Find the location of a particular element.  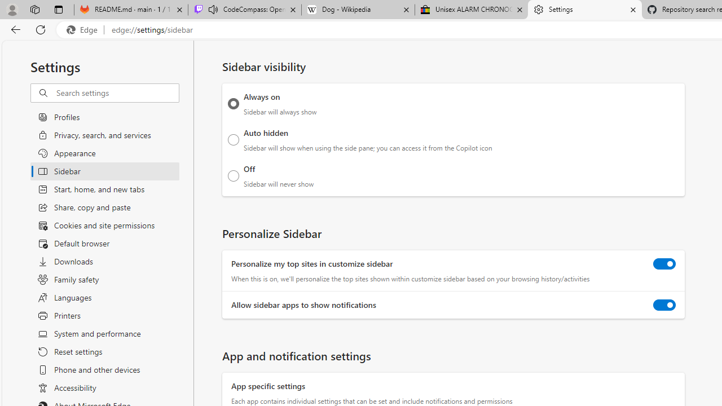

'Dog - Wikipedia' is located at coordinates (357, 10).